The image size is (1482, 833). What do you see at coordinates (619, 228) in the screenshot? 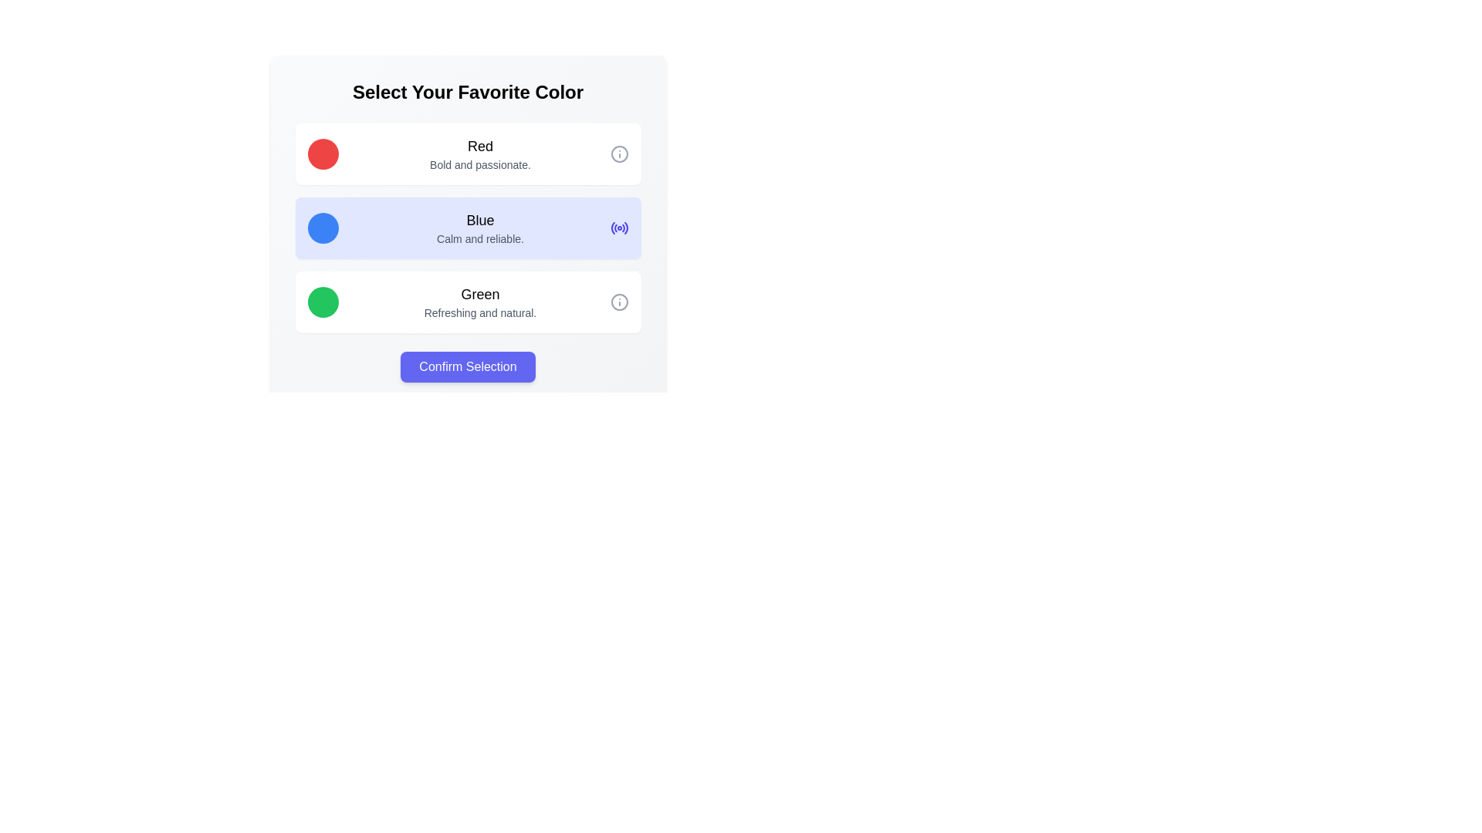
I see `the radio button icon (SVG)` at bounding box center [619, 228].